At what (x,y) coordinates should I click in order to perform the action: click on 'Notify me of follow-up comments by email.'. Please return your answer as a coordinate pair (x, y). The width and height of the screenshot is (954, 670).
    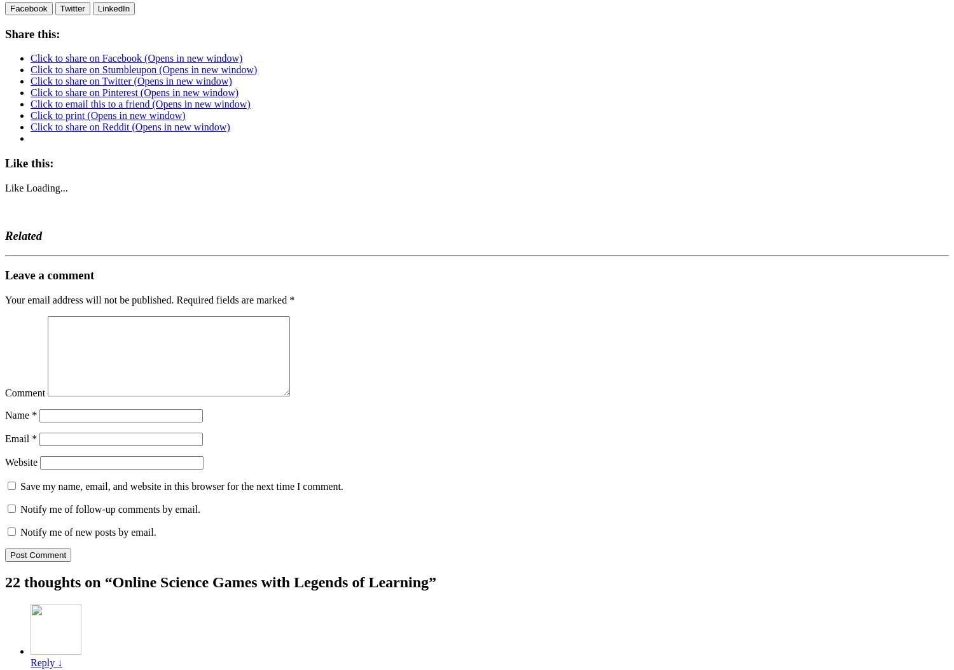
    Looking at the image, I should click on (110, 508).